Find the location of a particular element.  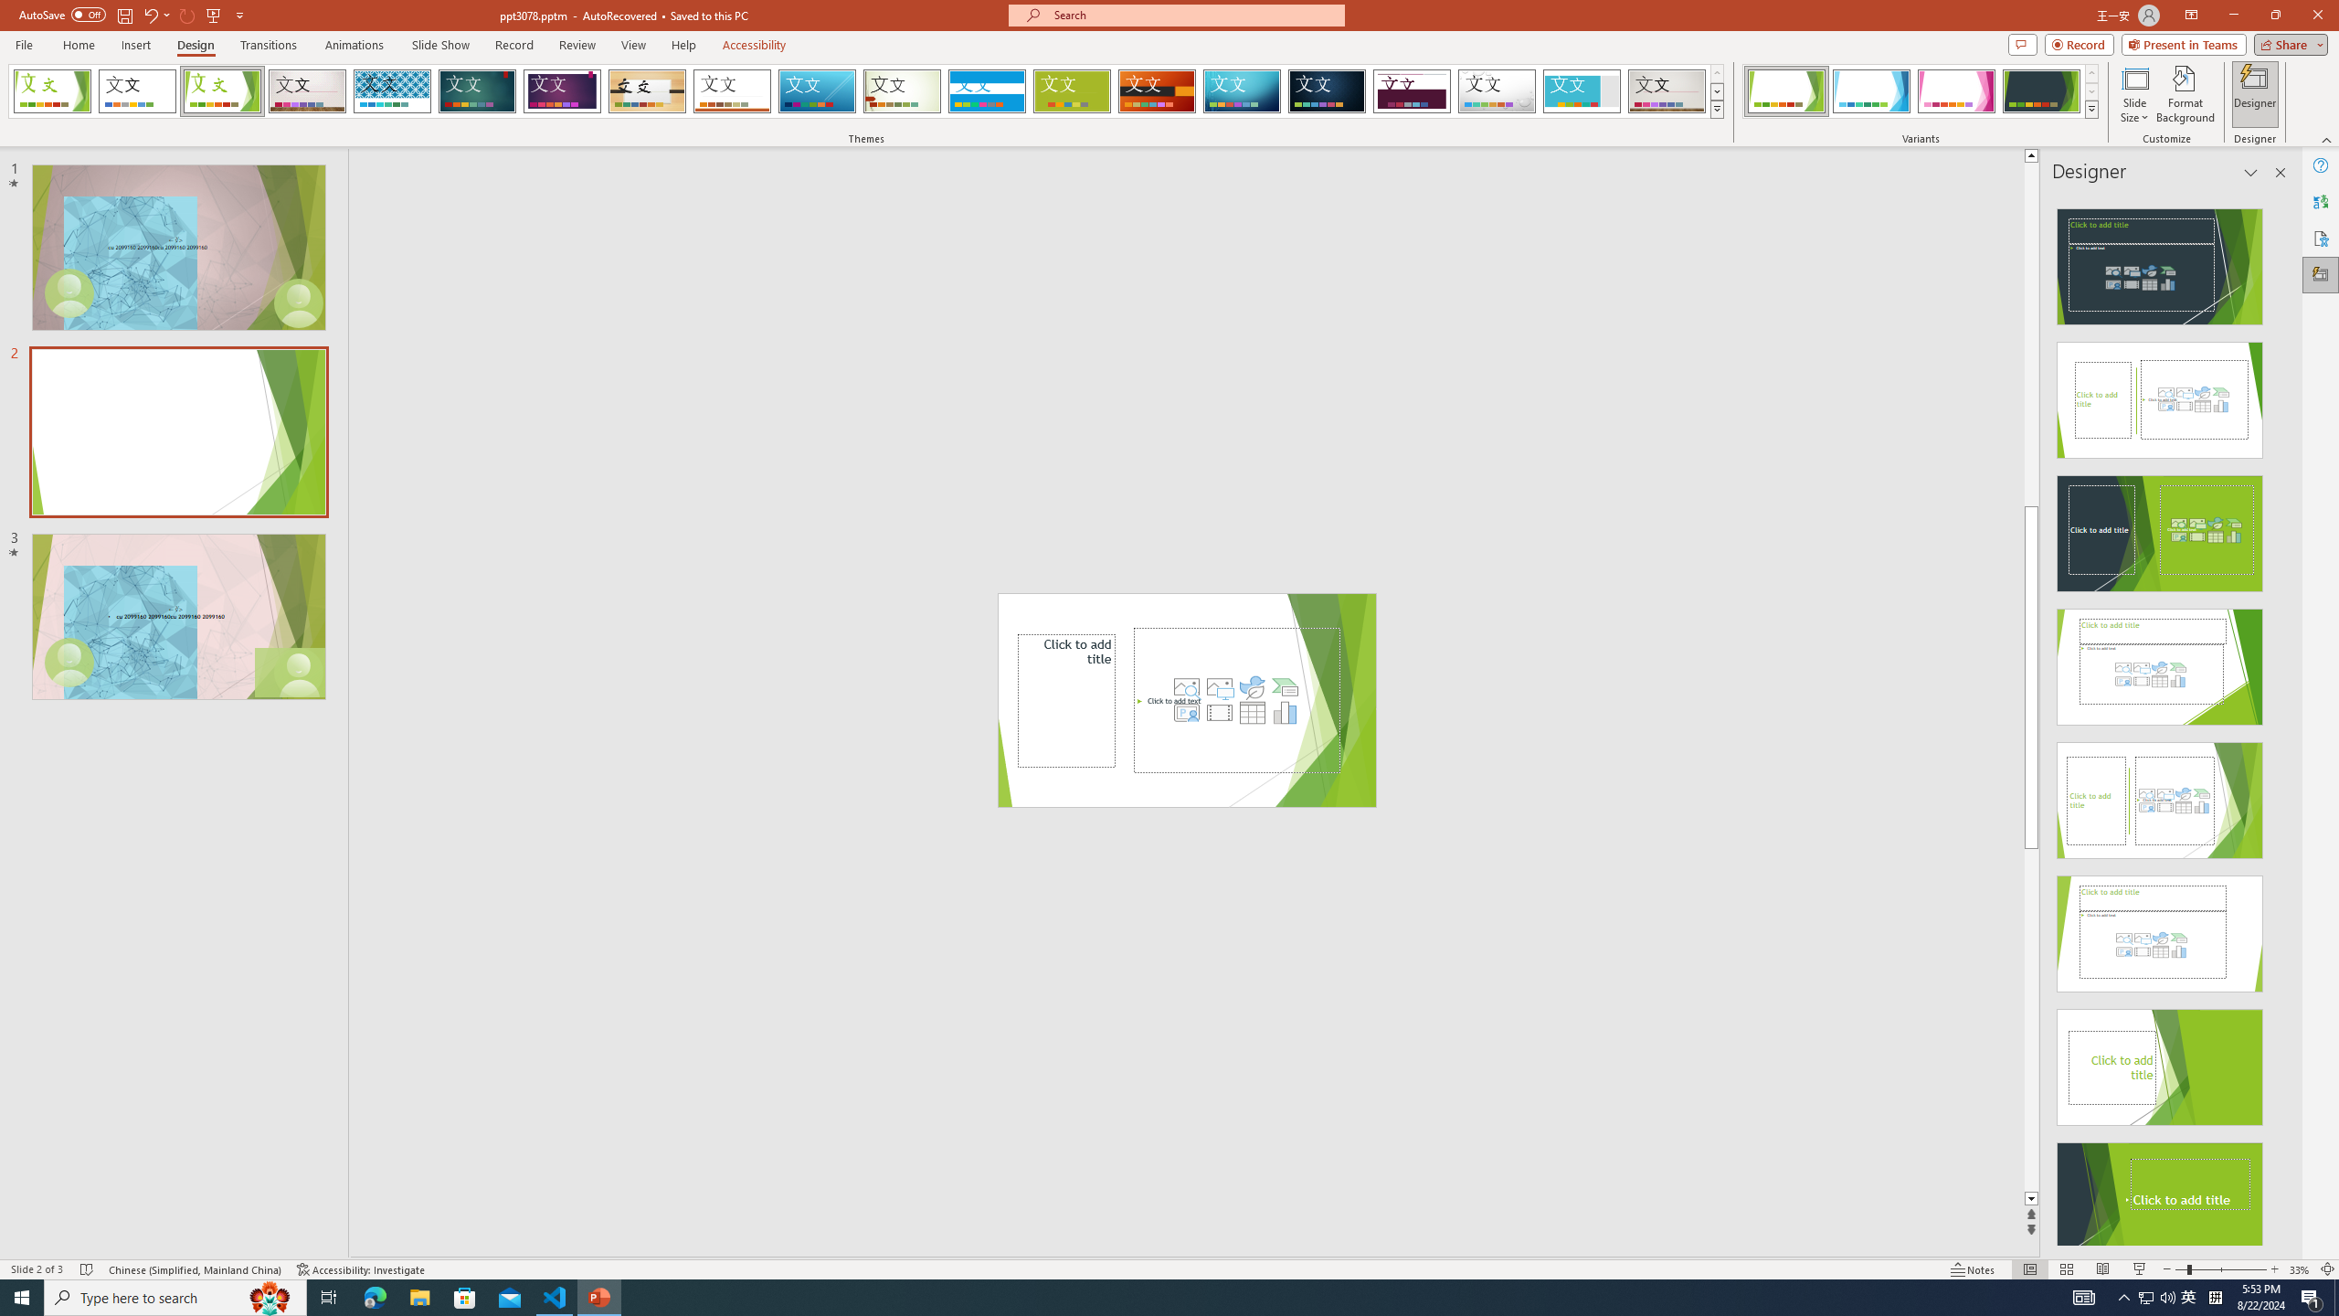

'Zoom 33%' is located at coordinates (2299, 1269).